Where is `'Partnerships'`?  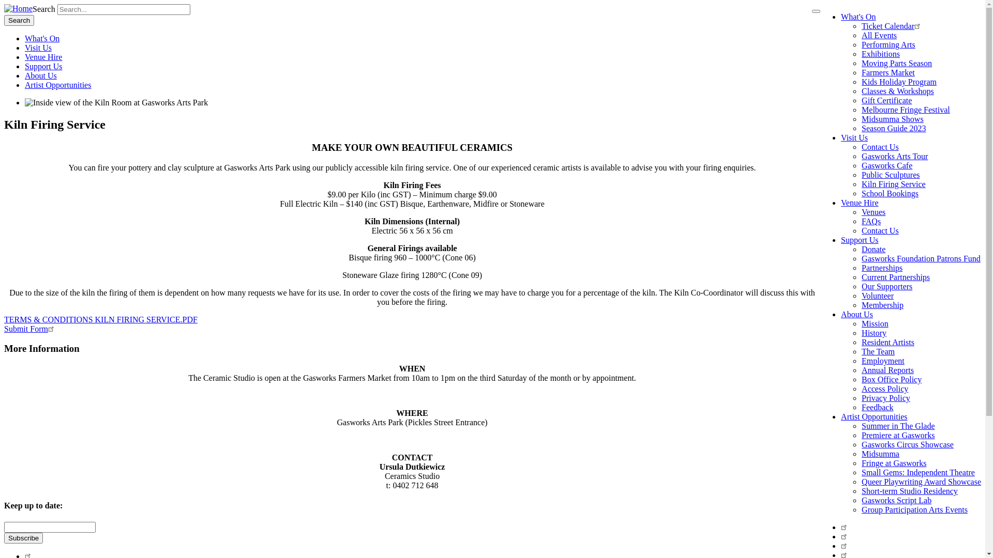
'Partnerships' is located at coordinates (881, 267).